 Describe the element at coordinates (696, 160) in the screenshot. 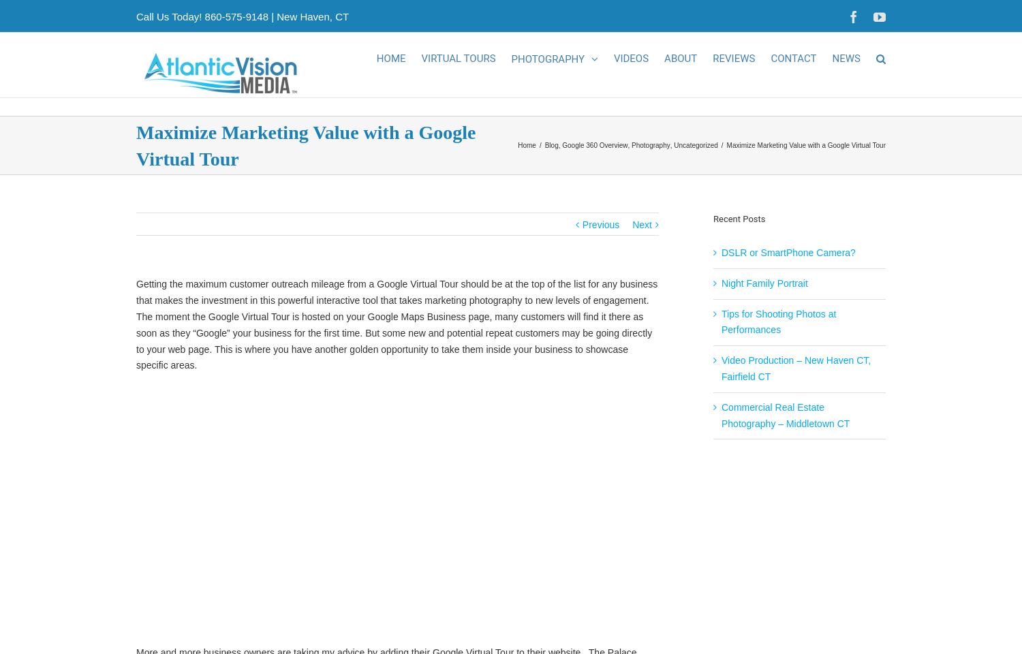

I see `'Uncategorized'` at that location.